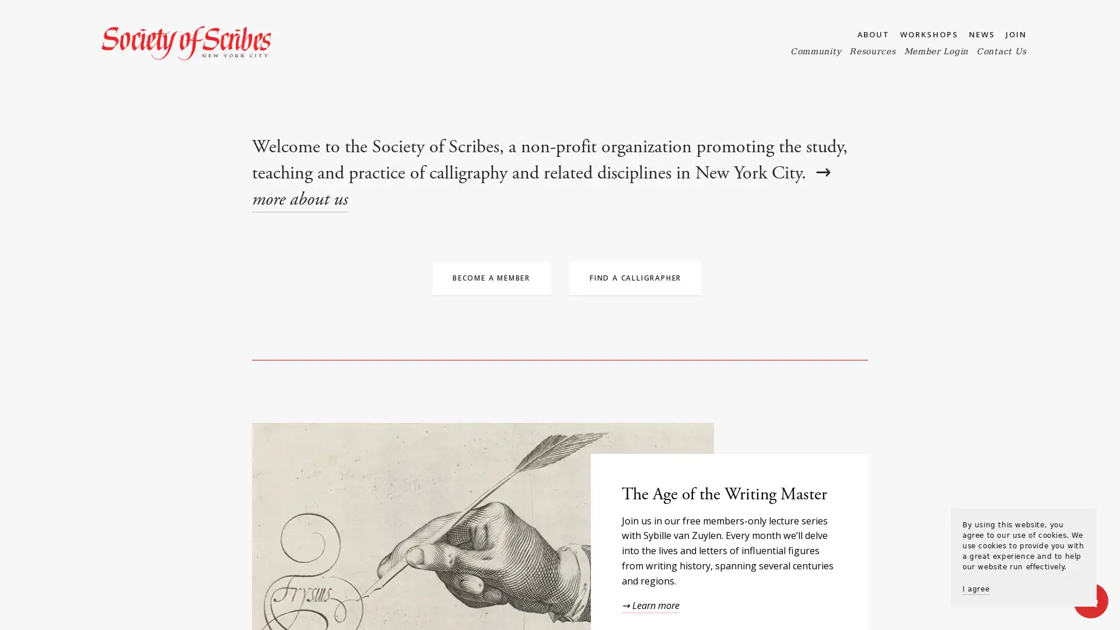 This screenshot has height=630, width=1120. Describe the element at coordinates (976, 589) in the screenshot. I see `I agree` at that location.